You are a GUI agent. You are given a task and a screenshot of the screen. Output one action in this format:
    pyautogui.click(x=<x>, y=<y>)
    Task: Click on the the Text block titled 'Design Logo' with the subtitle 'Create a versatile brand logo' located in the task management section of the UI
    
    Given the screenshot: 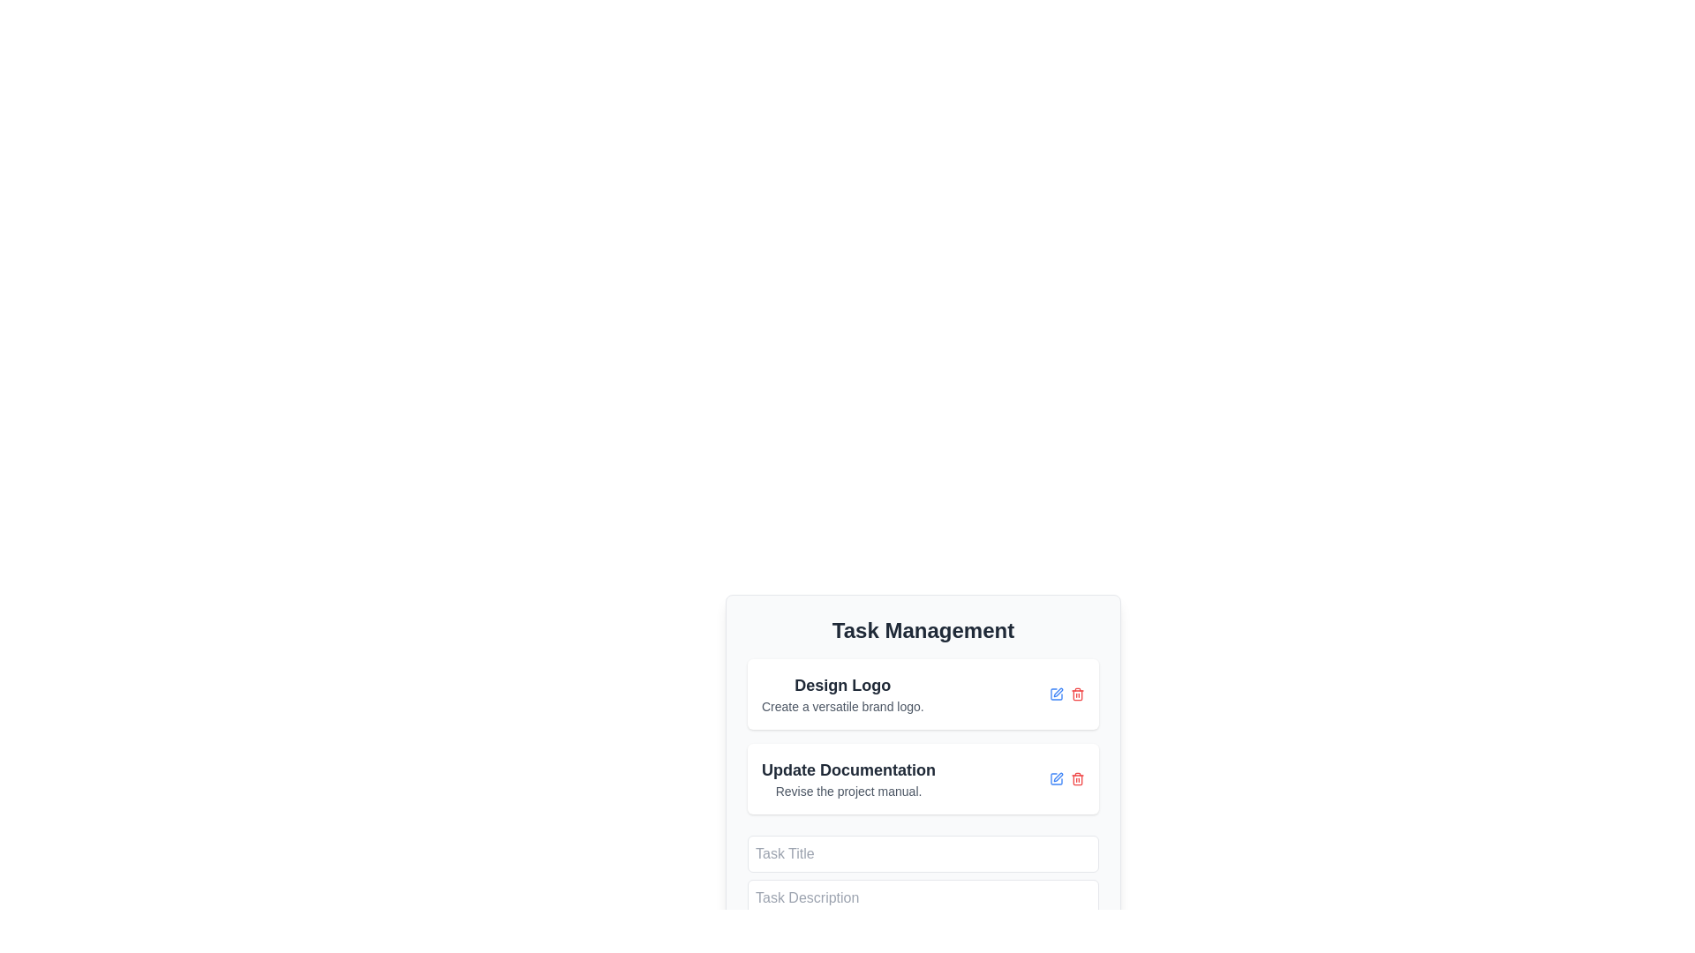 What is the action you would take?
    pyautogui.click(x=841, y=693)
    